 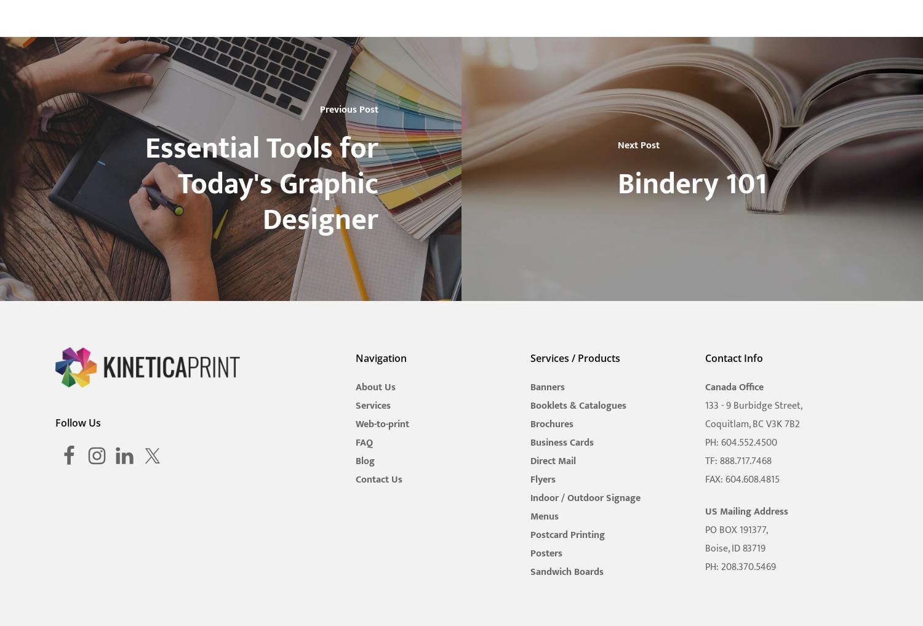 I want to click on '133 - 9 Burbidge Street,', so click(x=753, y=406).